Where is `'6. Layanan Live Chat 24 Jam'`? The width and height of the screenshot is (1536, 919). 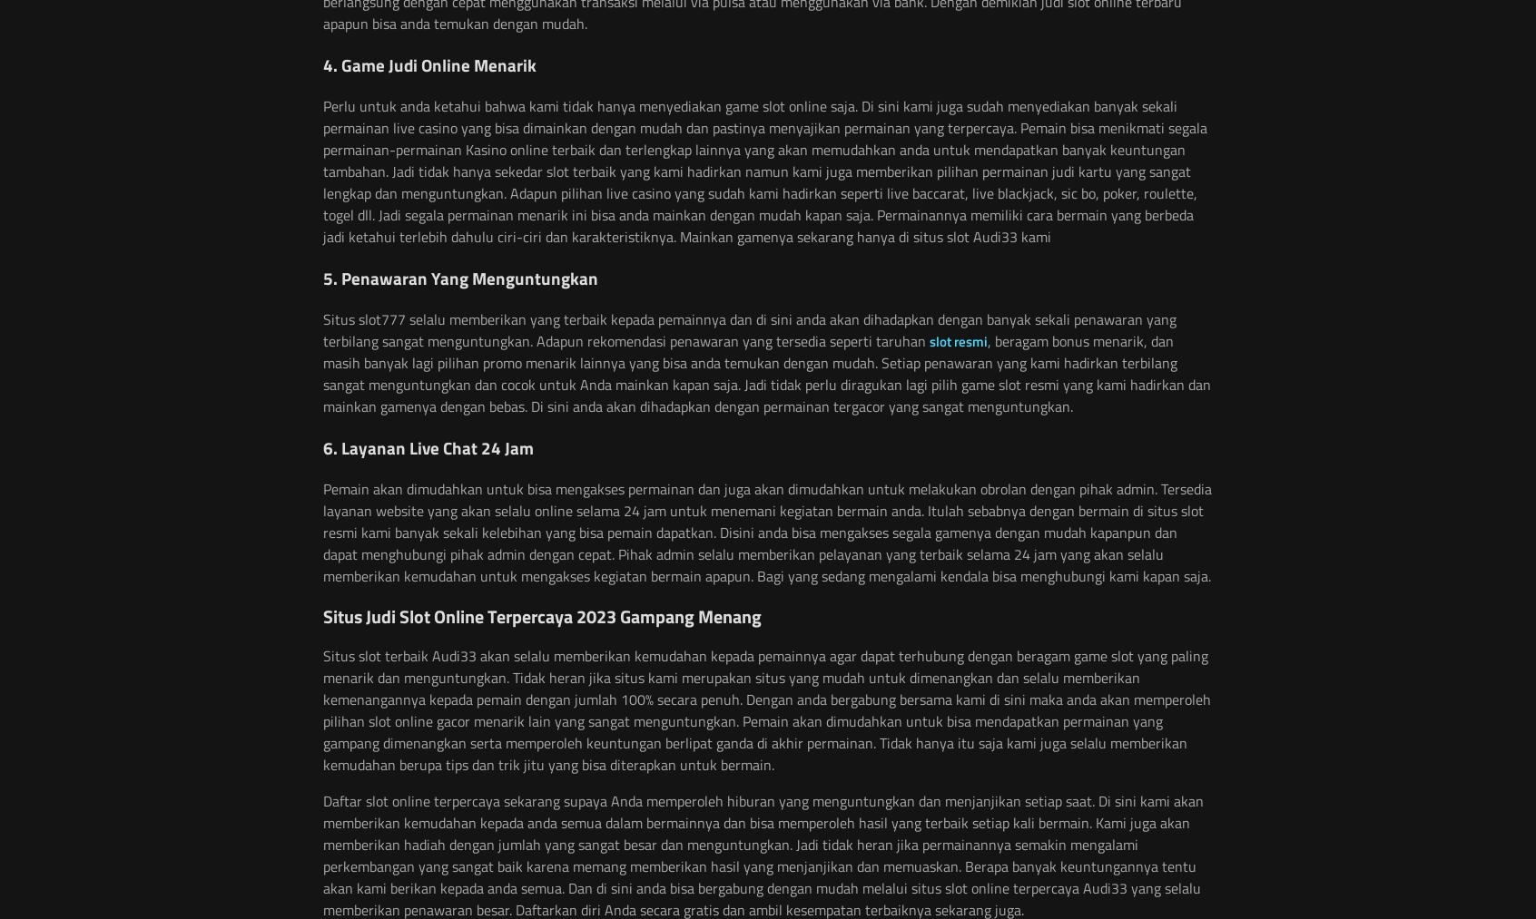
'6. Layanan Live Chat 24 Jam' is located at coordinates (428, 446).